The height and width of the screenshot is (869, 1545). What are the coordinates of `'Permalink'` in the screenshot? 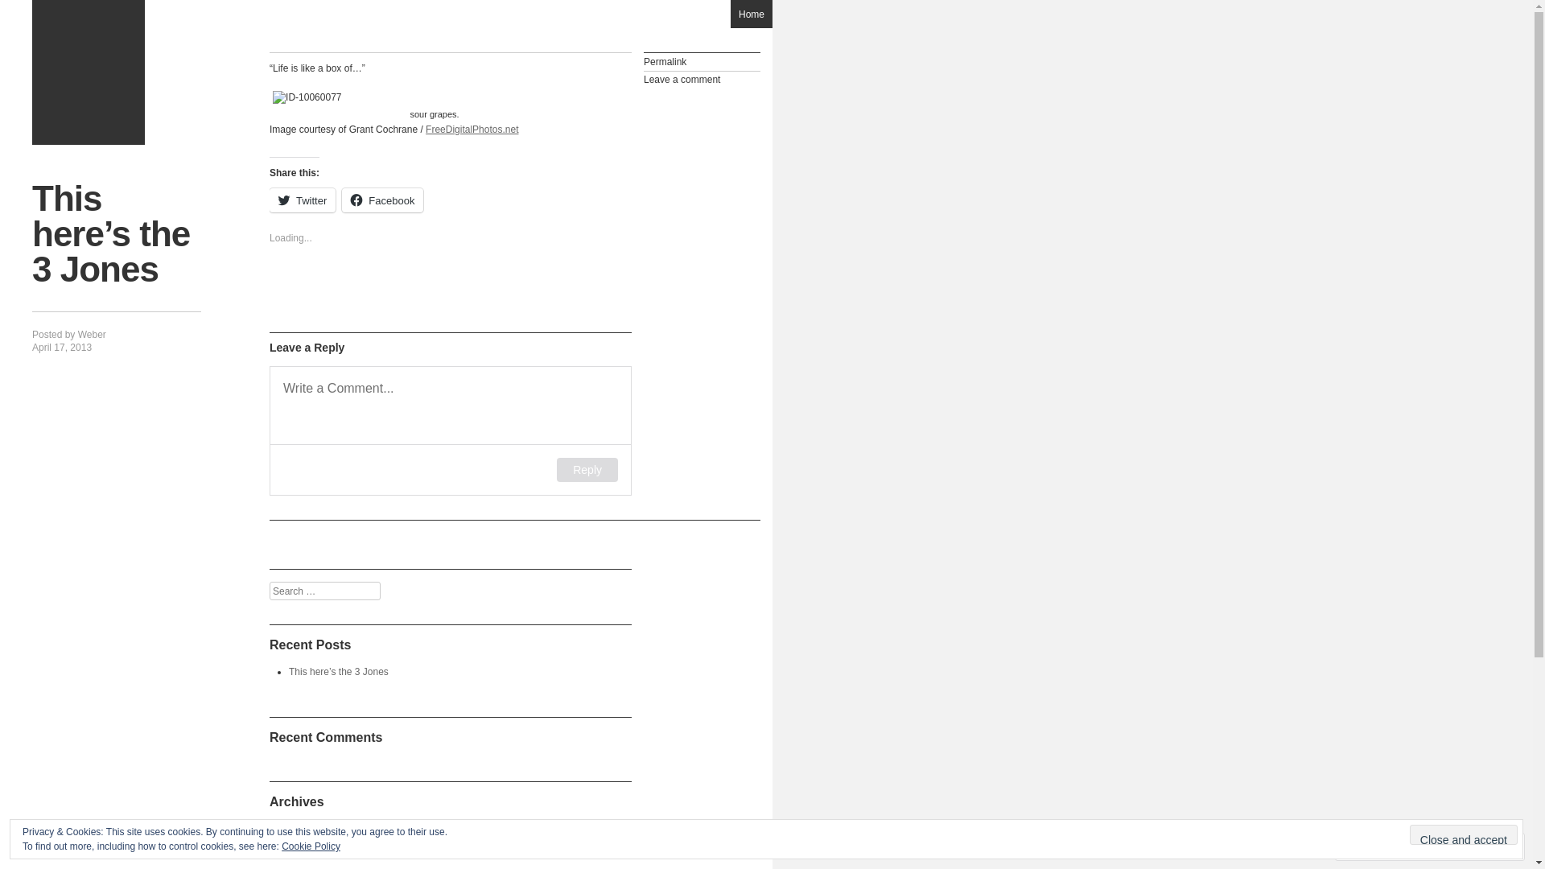 It's located at (702, 61).